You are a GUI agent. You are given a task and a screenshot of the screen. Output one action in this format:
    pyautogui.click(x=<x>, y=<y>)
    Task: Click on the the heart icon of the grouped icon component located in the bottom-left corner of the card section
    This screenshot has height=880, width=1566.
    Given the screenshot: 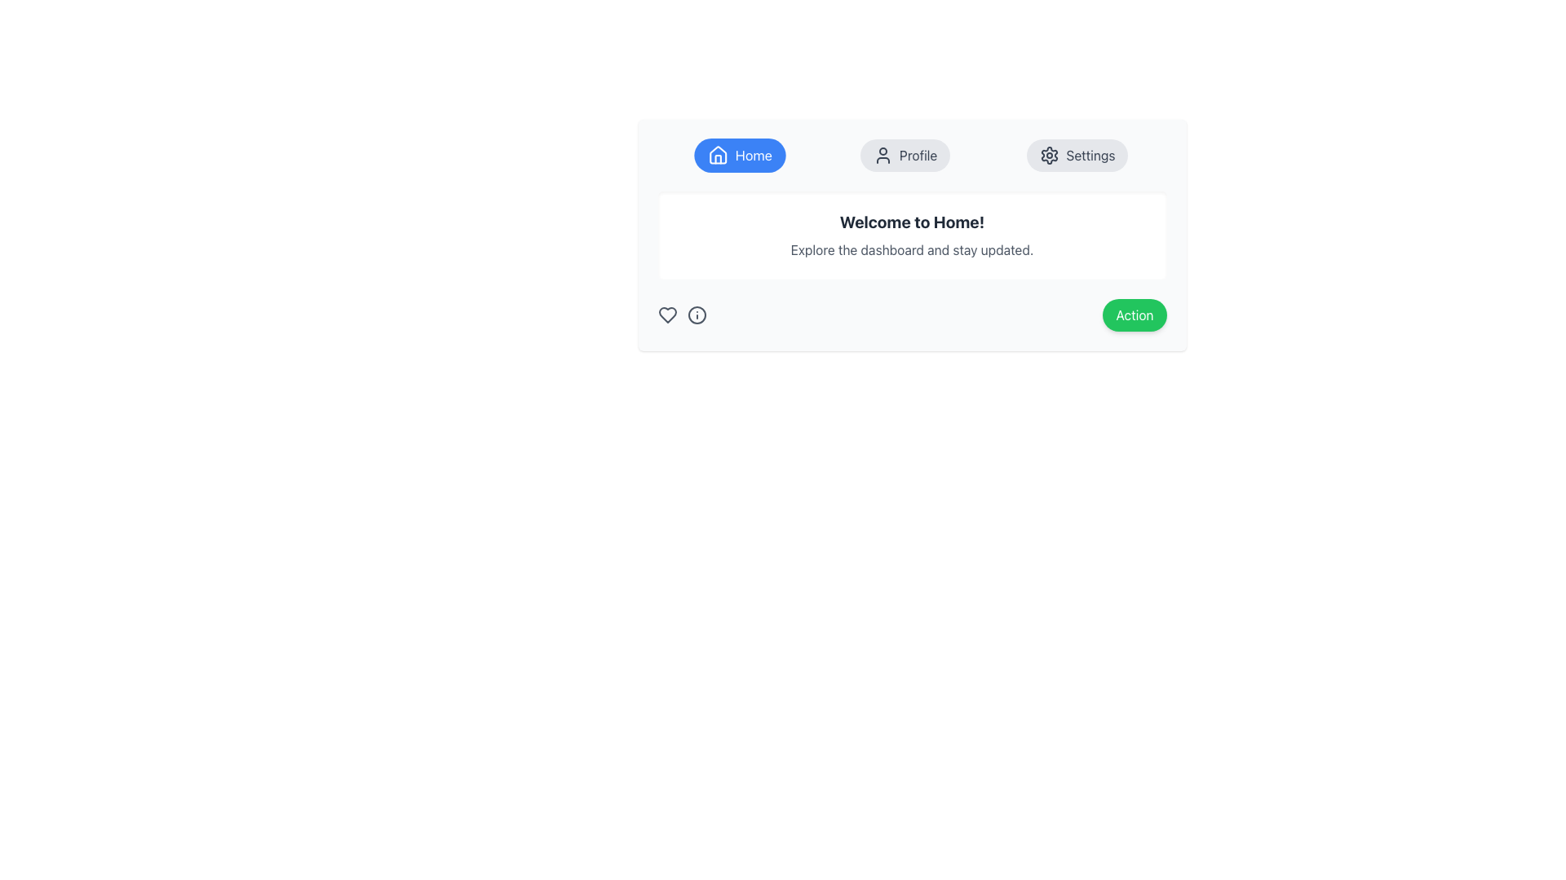 What is the action you would take?
    pyautogui.click(x=682, y=315)
    